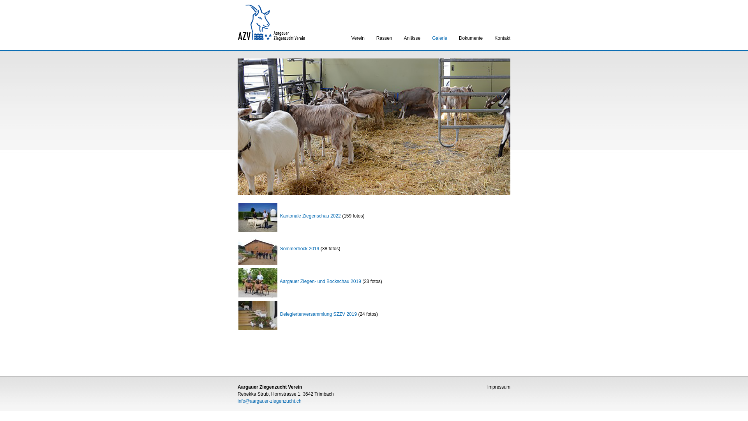  I want to click on '  Kantonale Ziegenschau 2022', so click(289, 215).